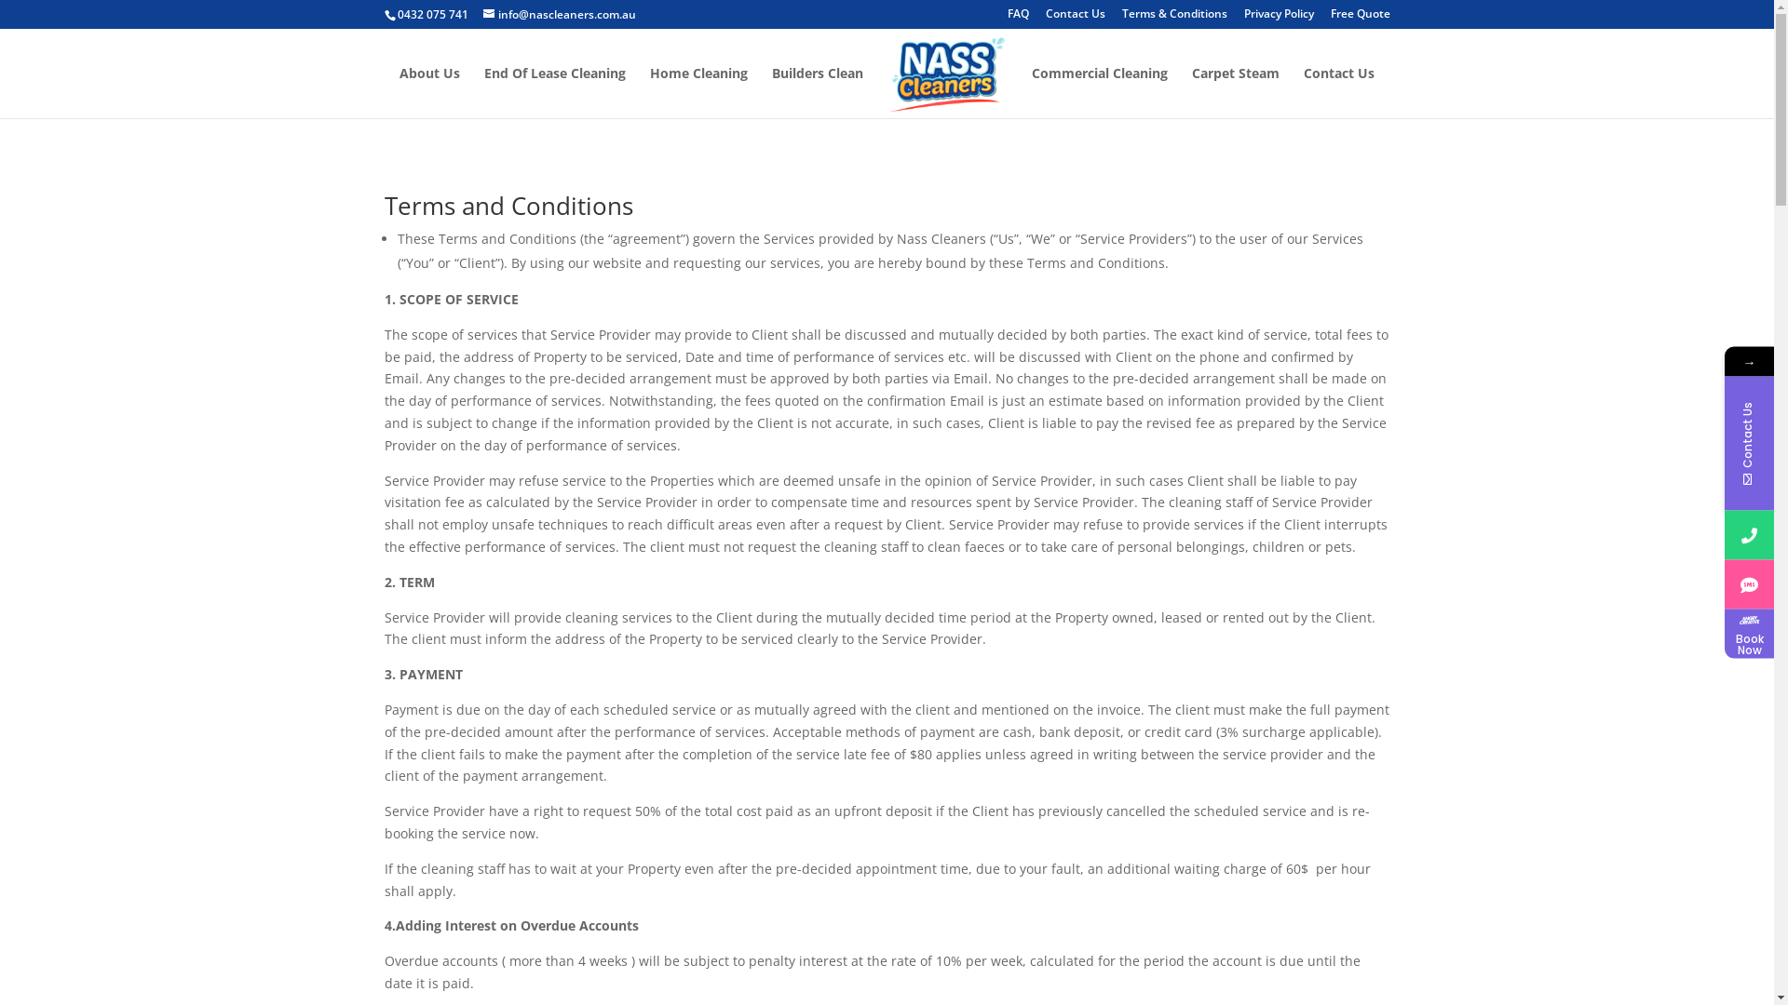 The image size is (1788, 1005). Describe the element at coordinates (553, 92) in the screenshot. I see `'End Of Lease Cleaning'` at that location.